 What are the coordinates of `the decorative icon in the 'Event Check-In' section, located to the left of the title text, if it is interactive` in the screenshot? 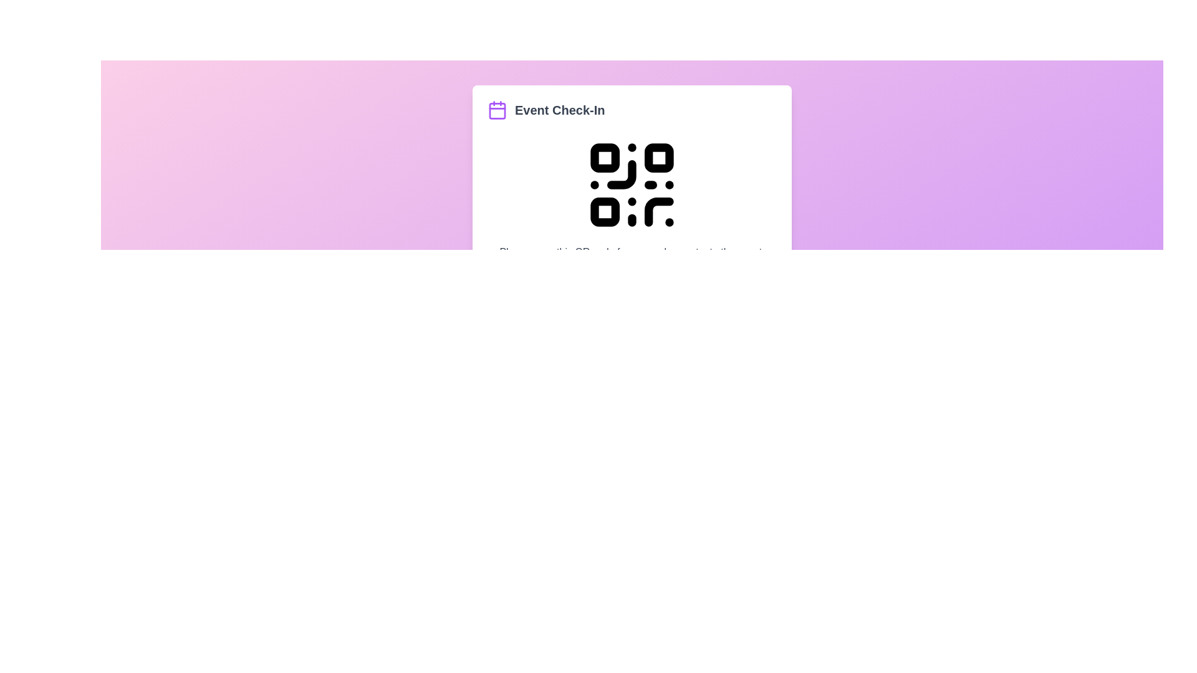 It's located at (496, 110).